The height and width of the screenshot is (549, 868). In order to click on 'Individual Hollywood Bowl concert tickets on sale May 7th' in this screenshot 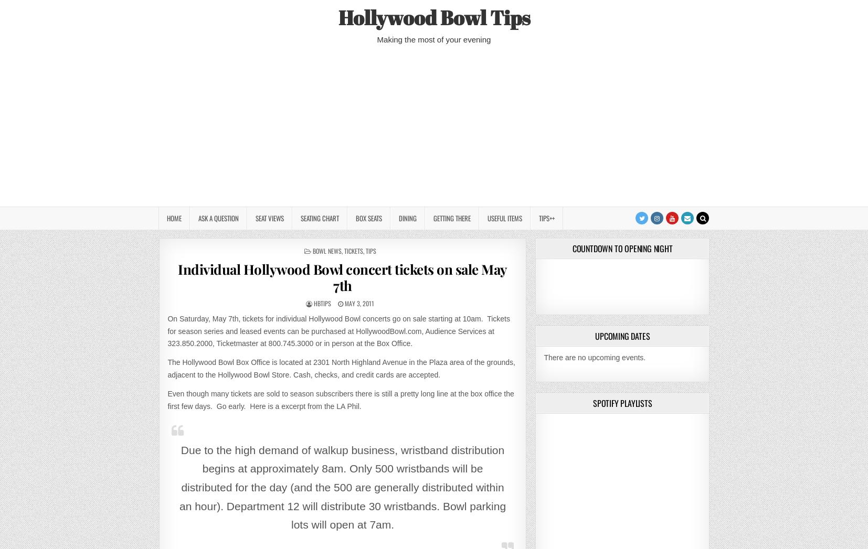, I will do `click(177, 277)`.